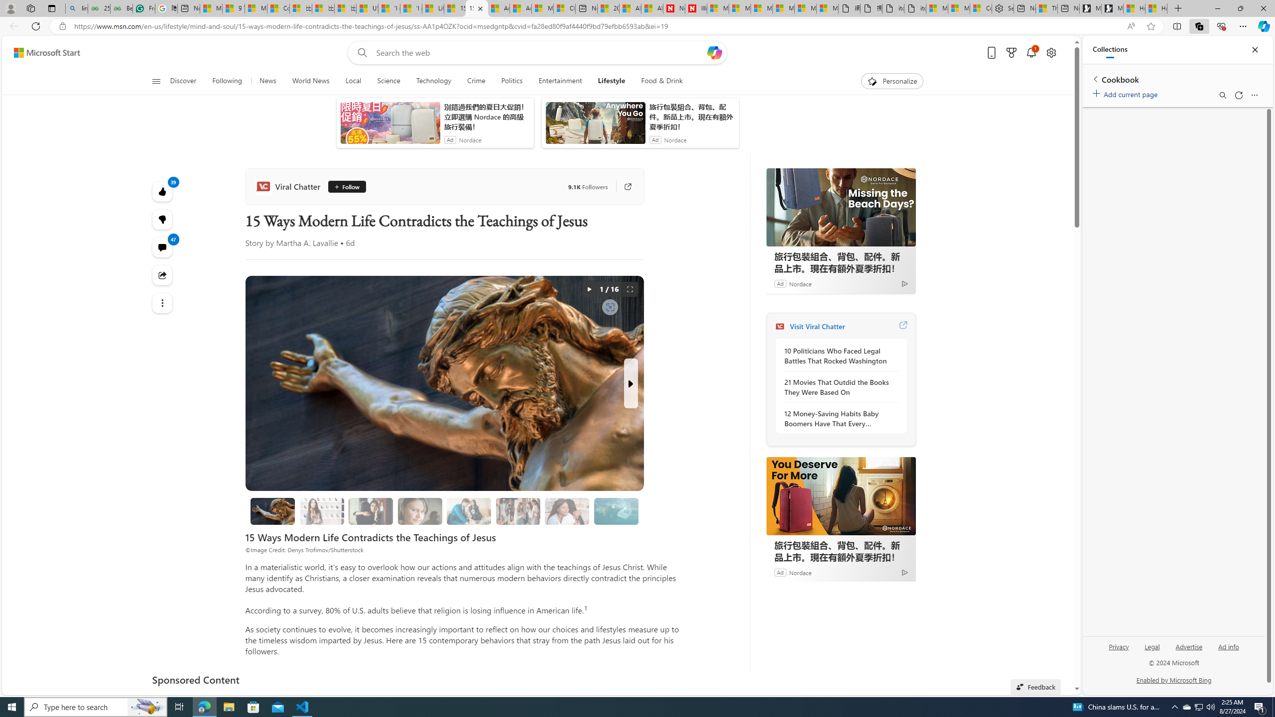  Describe the element at coordinates (353, 81) in the screenshot. I see `'Local'` at that location.